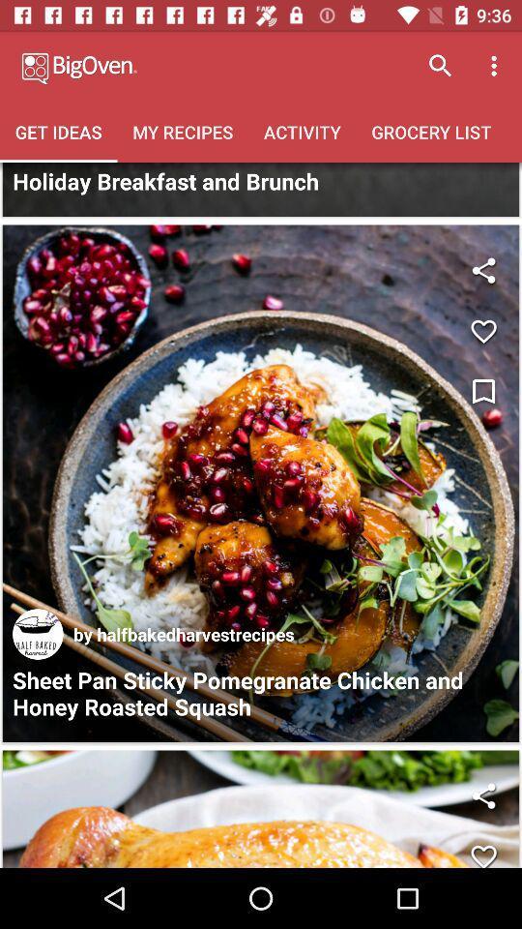  What do you see at coordinates (482, 391) in the screenshot?
I see `wish list icon` at bounding box center [482, 391].